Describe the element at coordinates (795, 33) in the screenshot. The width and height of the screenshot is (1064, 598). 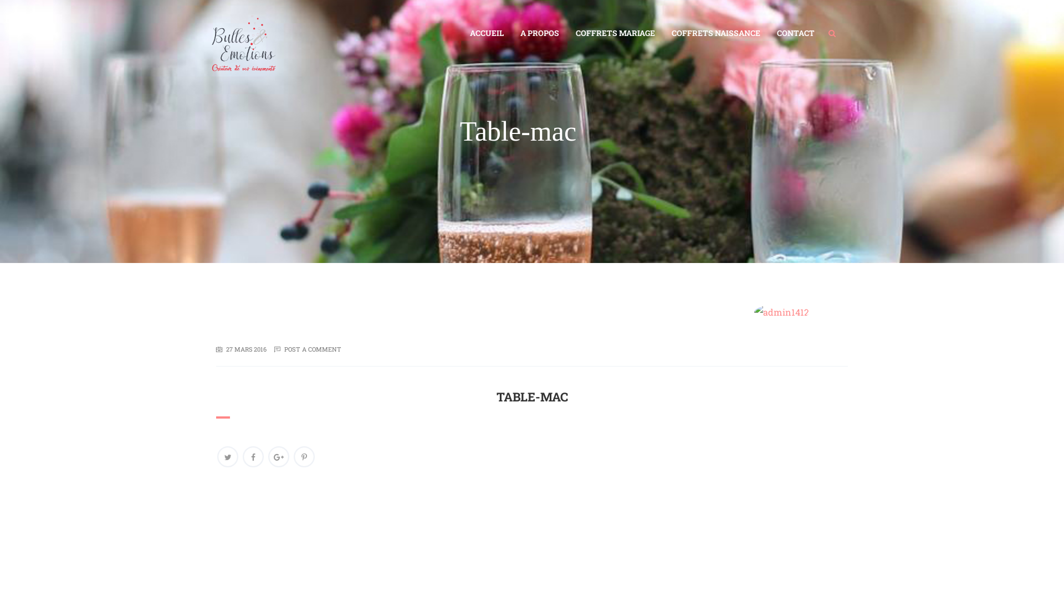
I see `'CONTACT'` at that location.